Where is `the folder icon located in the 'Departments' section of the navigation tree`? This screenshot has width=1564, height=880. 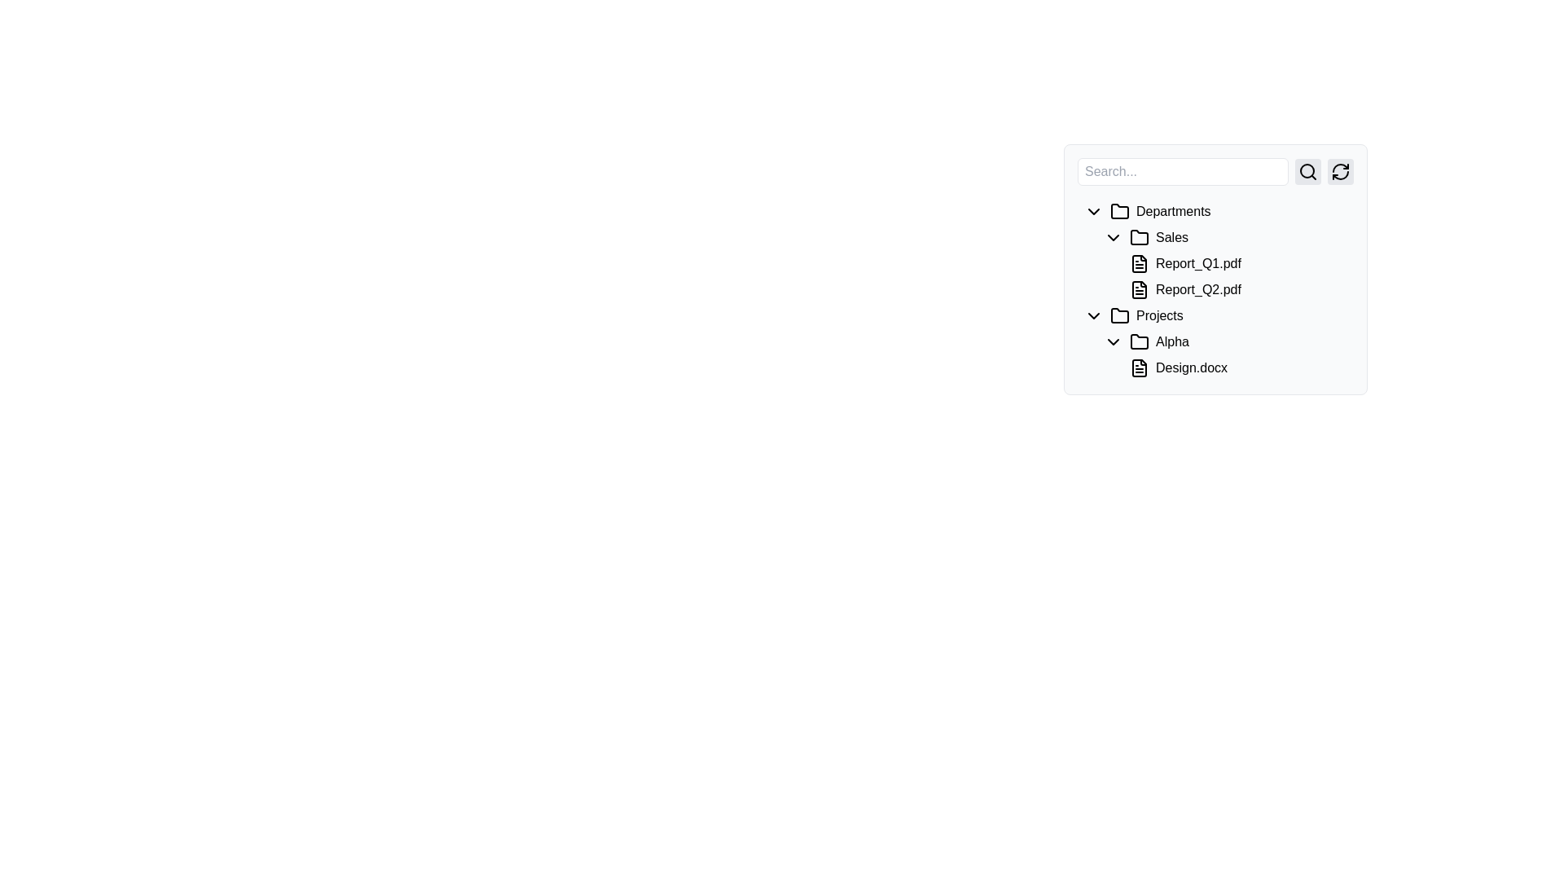
the folder icon located in the 'Departments' section of the navigation tree is located at coordinates (1118, 210).